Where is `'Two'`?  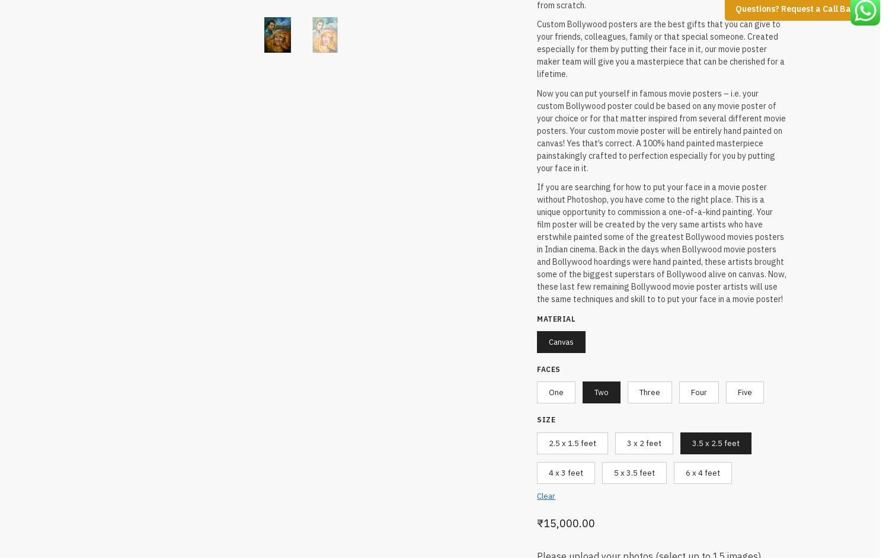 'Two' is located at coordinates (602, 389).